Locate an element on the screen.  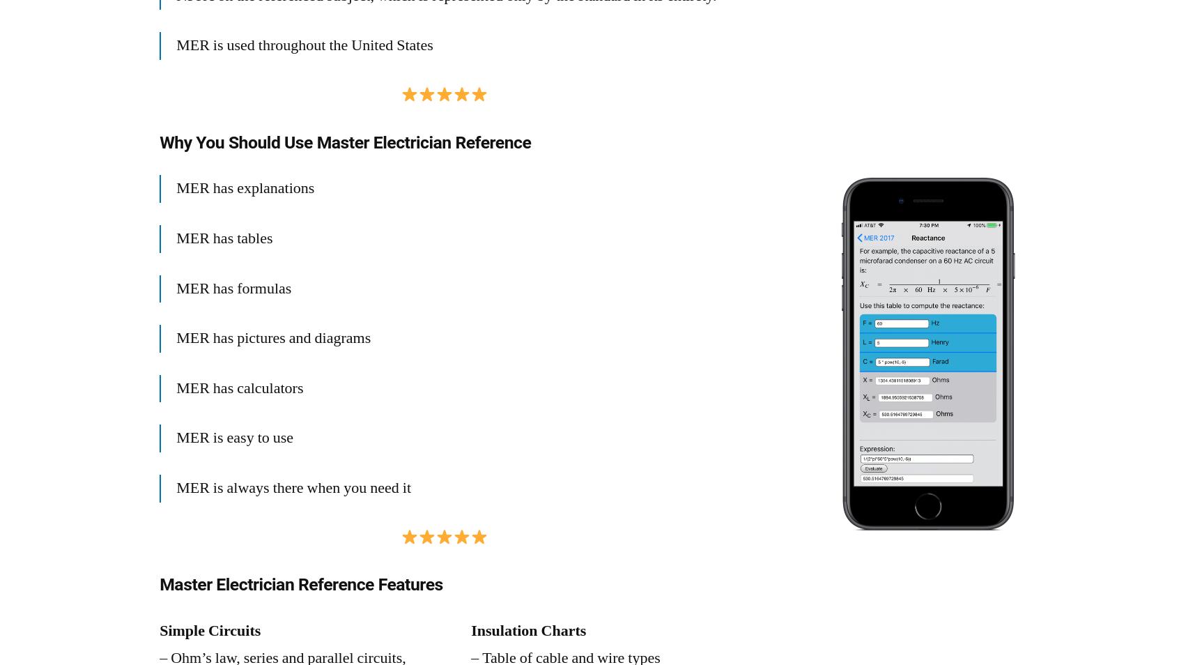
'MER has formulas' is located at coordinates (233, 287).